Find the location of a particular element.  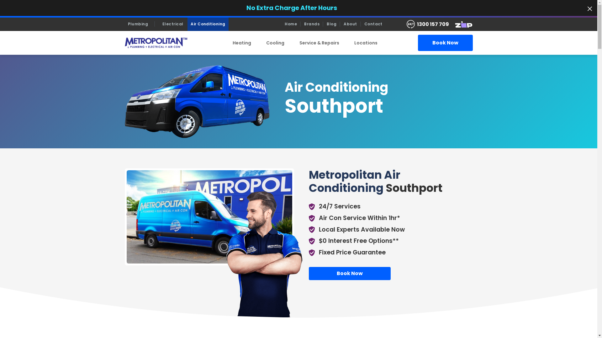

'Heating' is located at coordinates (225, 43).